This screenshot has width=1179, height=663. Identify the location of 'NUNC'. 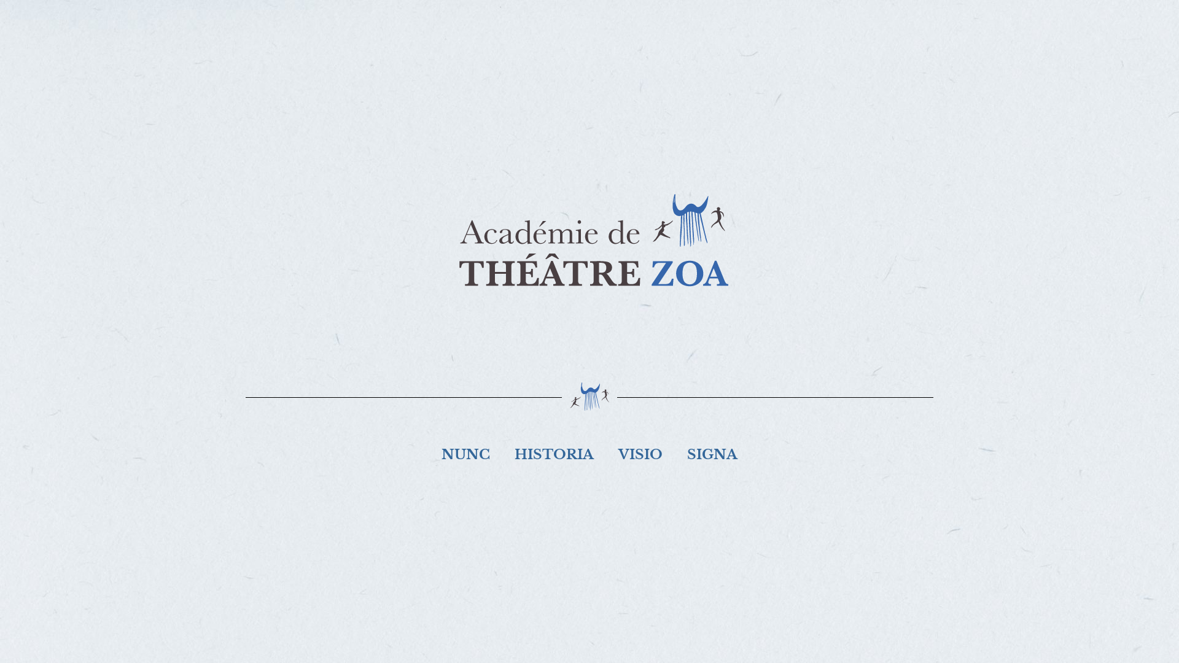
(429, 454).